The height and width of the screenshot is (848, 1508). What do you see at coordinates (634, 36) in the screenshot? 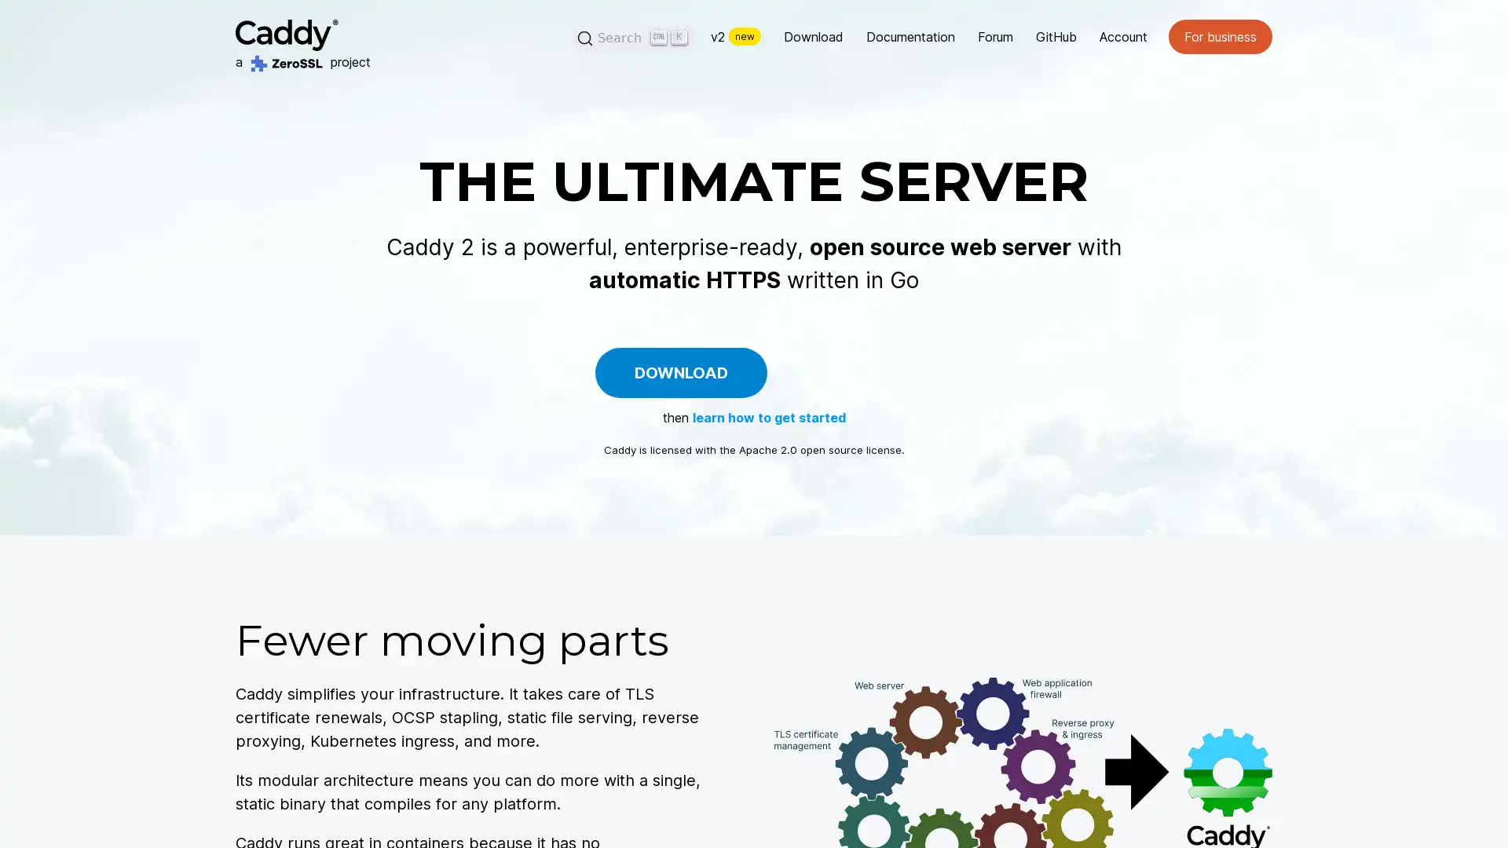
I see `Search` at bounding box center [634, 36].